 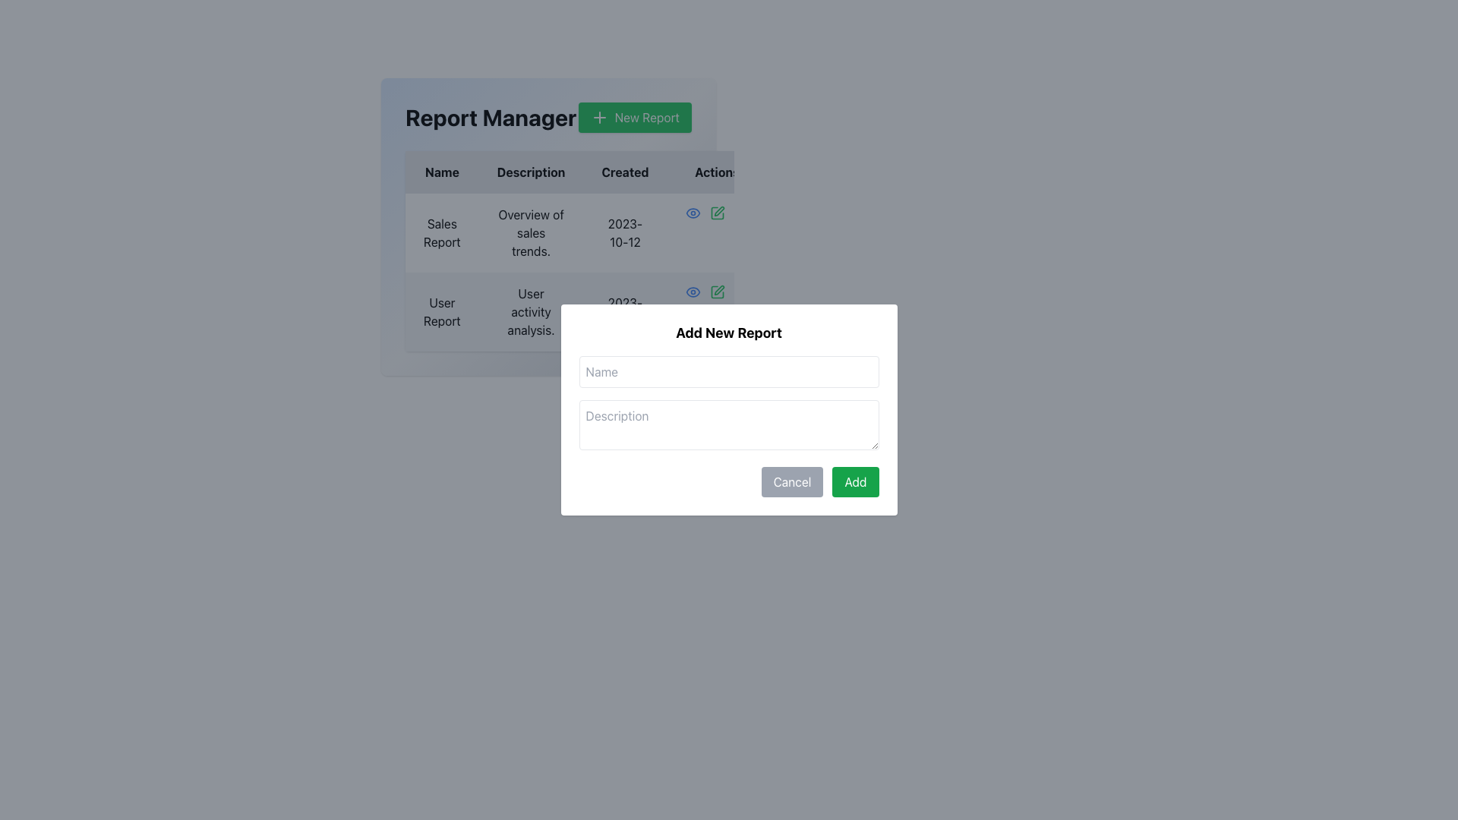 I want to click on the Text Label that serves as the column header for descriptions, positioned between the 'Name' and 'Created' headers in the table, so click(x=531, y=172).